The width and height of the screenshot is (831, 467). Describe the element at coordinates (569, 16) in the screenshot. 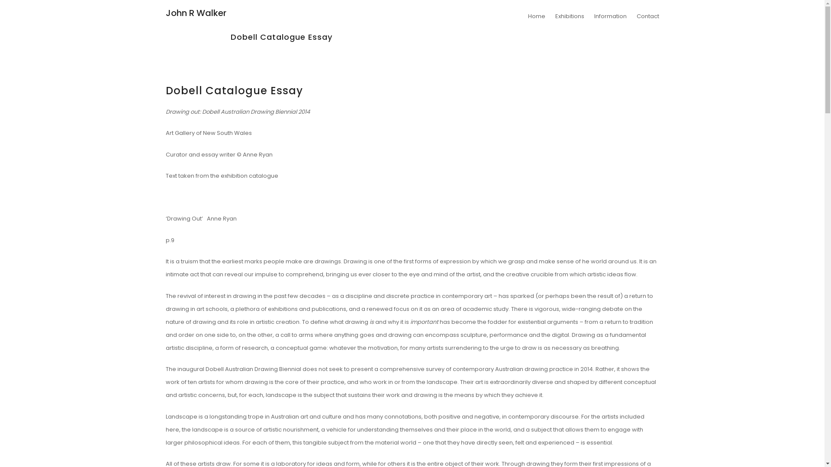

I see `'Exhibitions'` at that location.